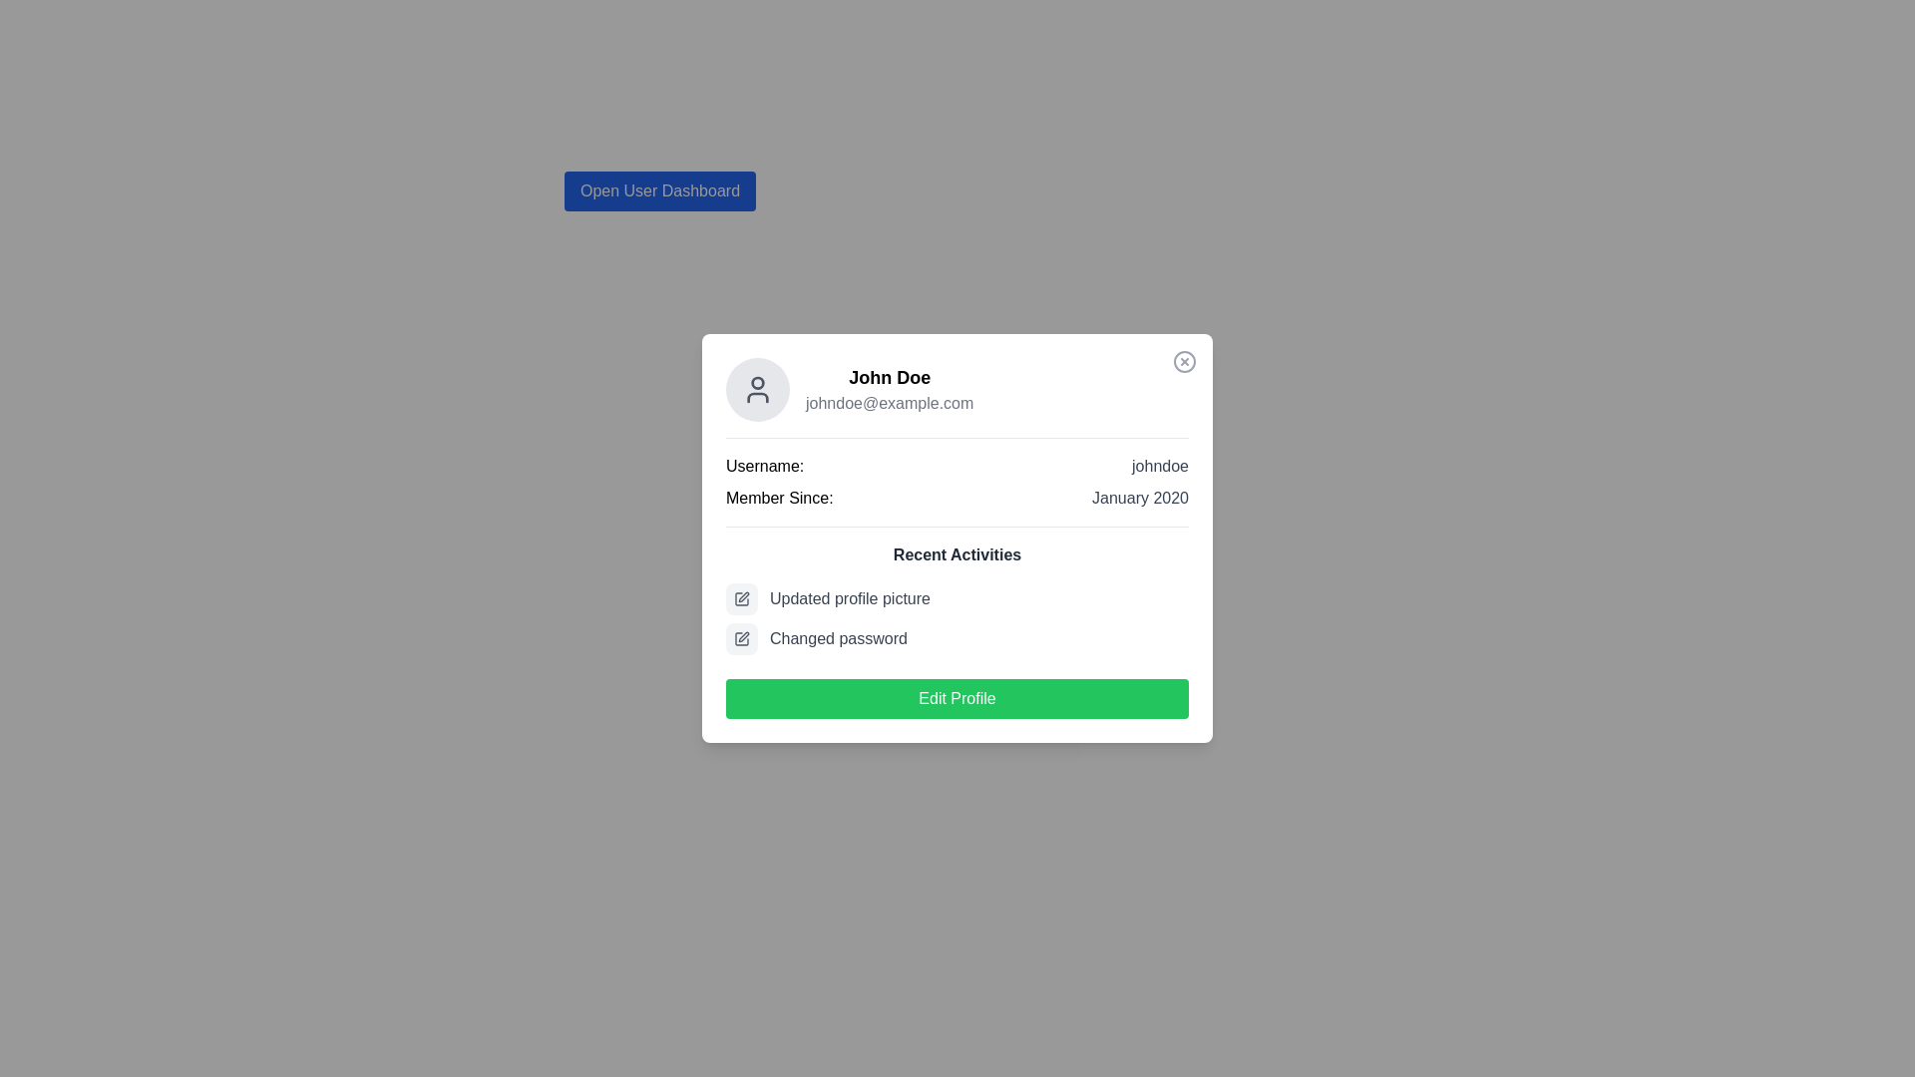 This screenshot has width=1915, height=1077. What do you see at coordinates (850, 598) in the screenshot?
I see `the static text element that displays 'Updated profile picture', located under the 'Recent Activities' title section in the profile card` at bounding box center [850, 598].